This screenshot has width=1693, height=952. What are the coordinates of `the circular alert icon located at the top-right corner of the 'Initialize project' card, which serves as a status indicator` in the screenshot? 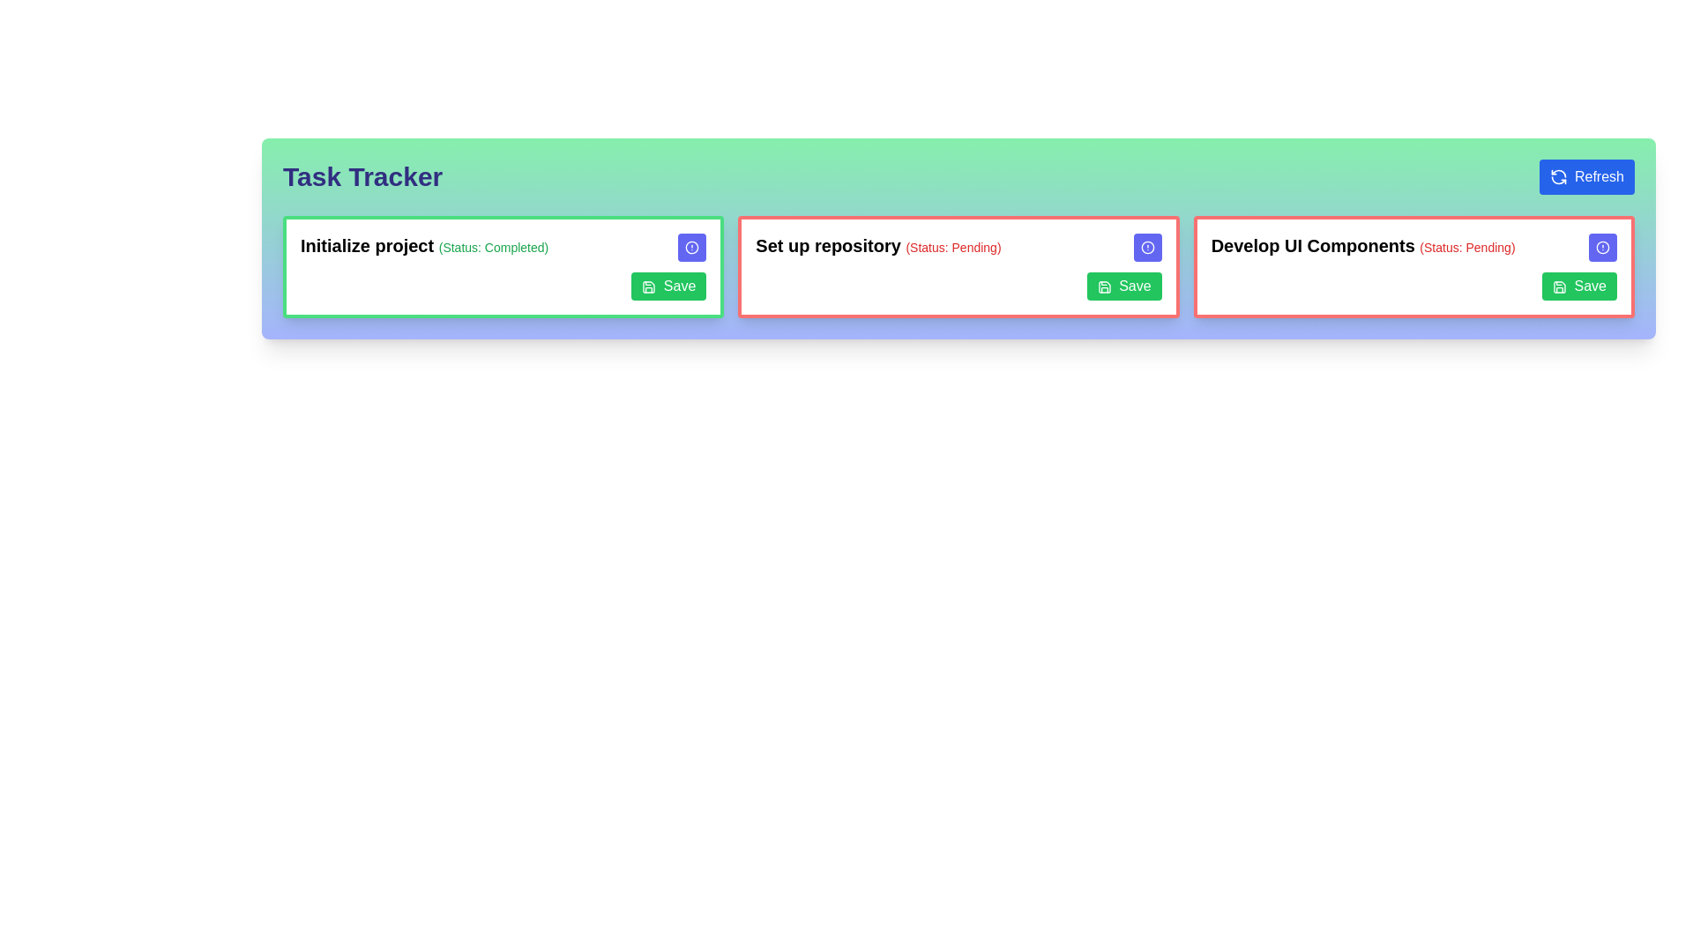 It's located at (691, 248).